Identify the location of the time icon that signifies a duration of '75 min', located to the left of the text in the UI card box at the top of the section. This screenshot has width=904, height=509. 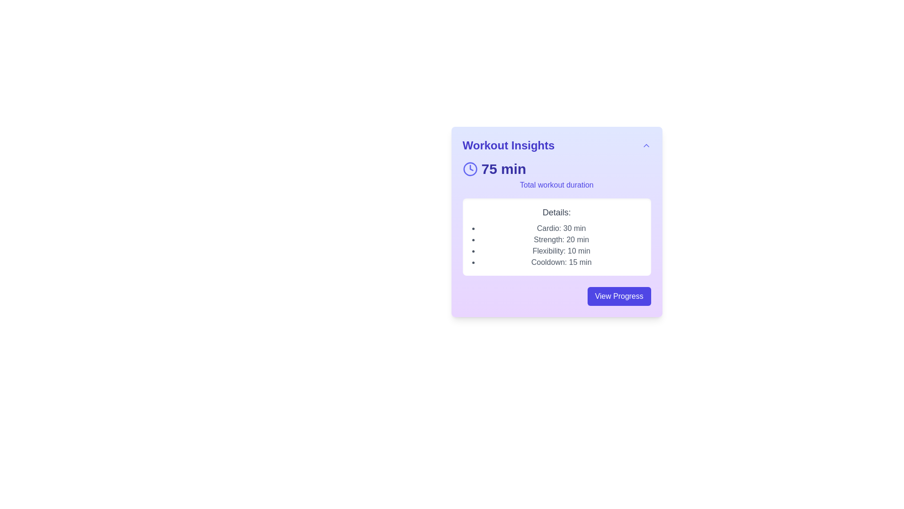
(470, 168).